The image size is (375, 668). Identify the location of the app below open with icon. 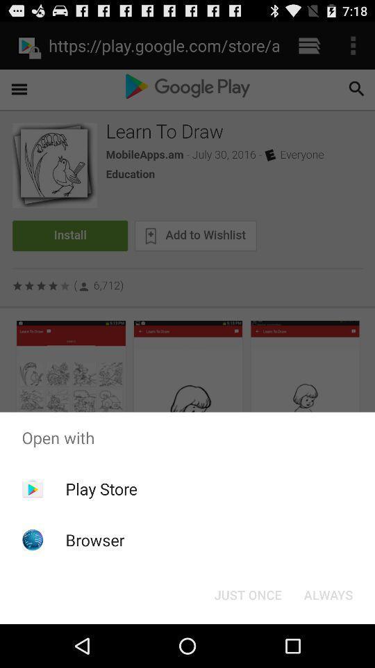
(328, 594).